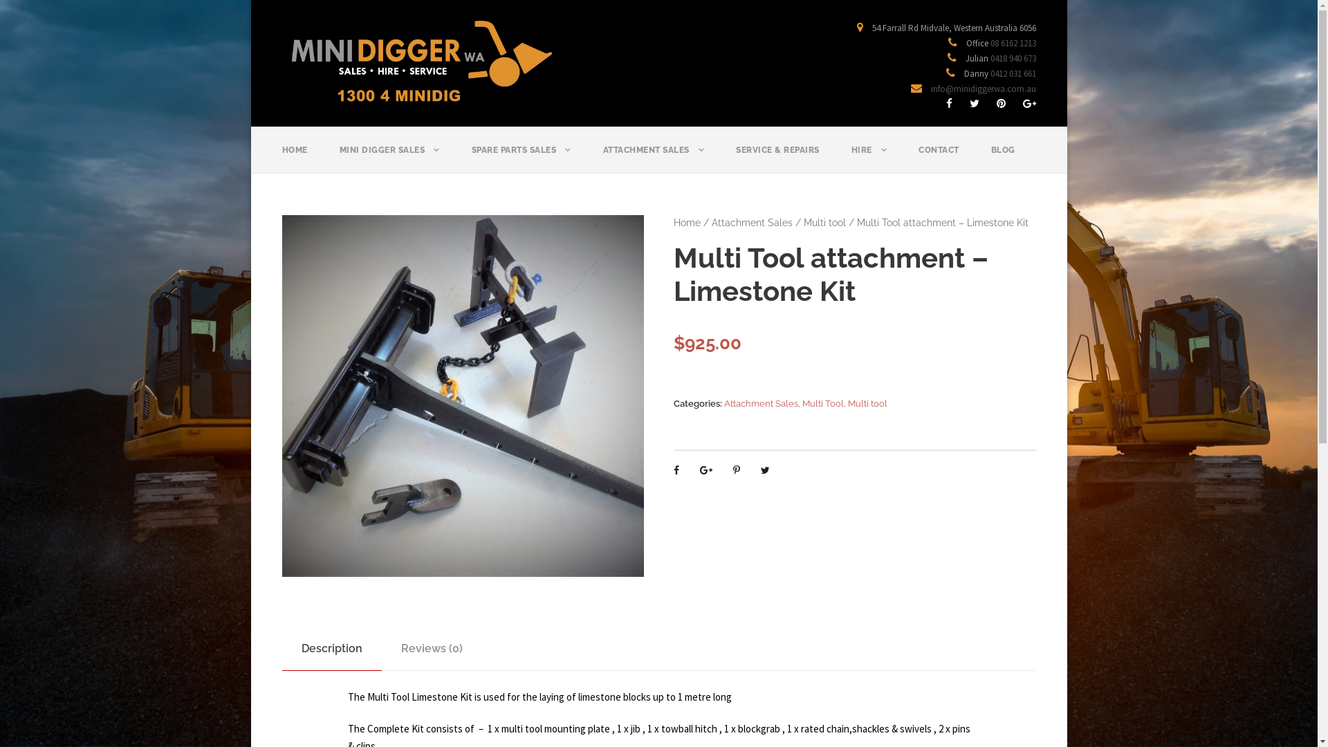  I want to click on '08 6162 1213', so click(1013, 42).